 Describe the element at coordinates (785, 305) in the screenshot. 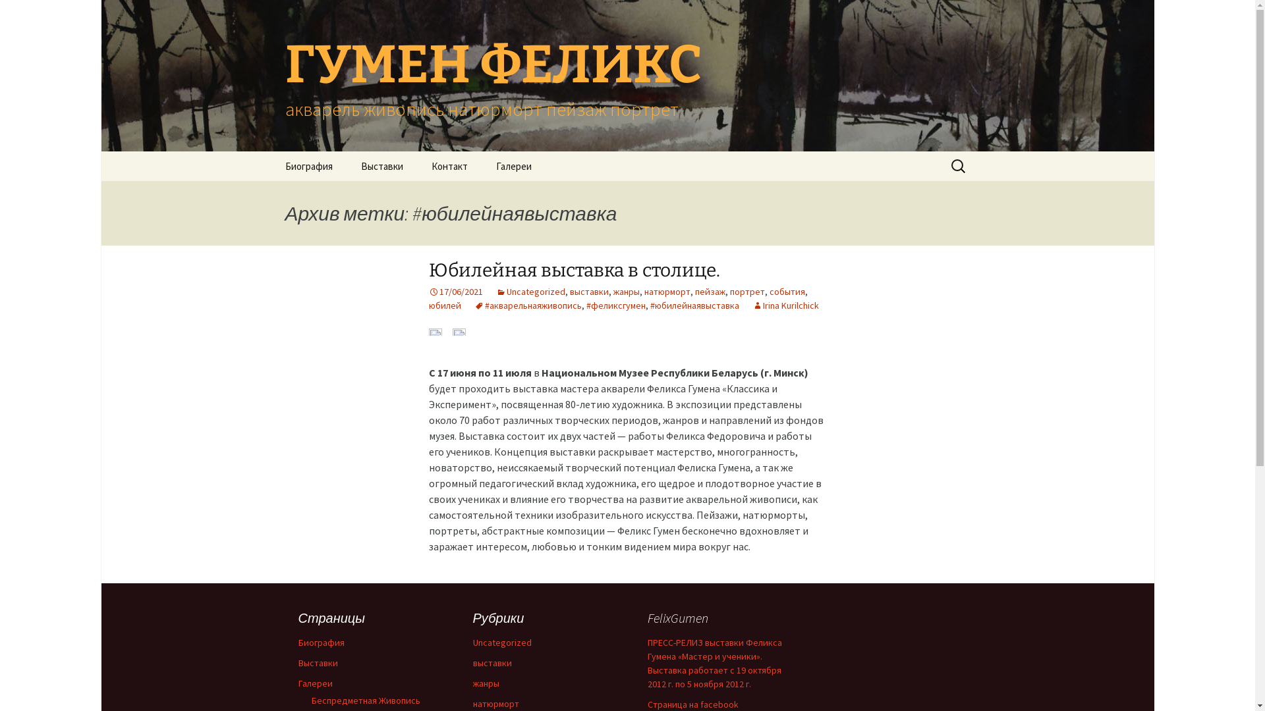

I see `'Irina Kurilchick'` at that location.